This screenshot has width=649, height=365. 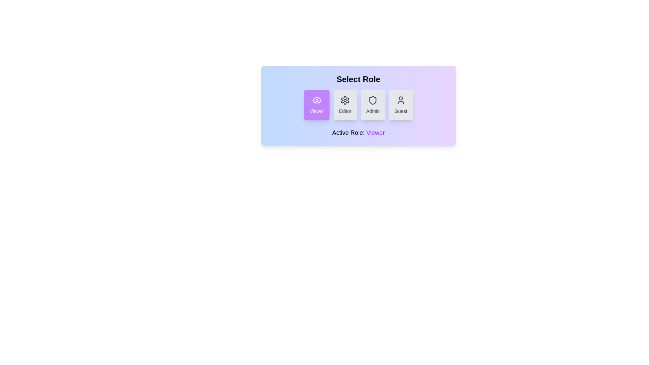 I want to click on the role Guest by clicking the corresponding button, so click(x=401, y=105).